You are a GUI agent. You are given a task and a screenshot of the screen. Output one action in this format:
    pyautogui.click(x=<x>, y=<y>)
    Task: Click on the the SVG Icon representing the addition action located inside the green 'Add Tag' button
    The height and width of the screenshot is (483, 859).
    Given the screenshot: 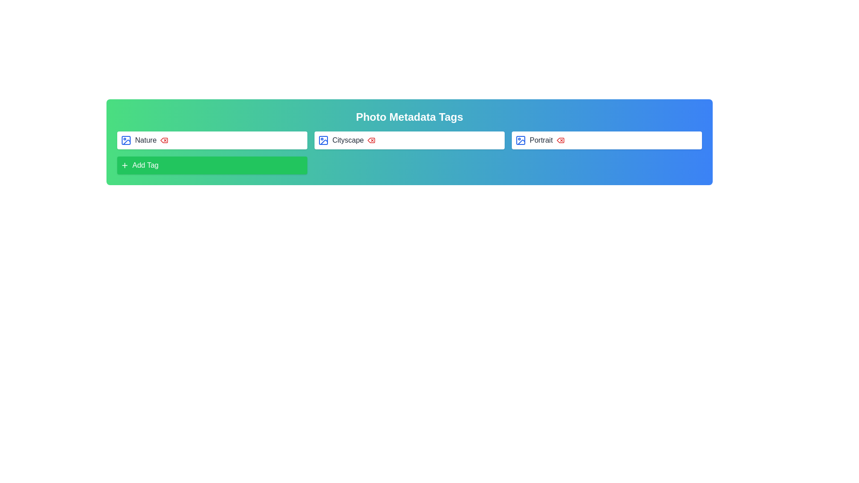 What is the action you would take?
    pyautogui.click(x=124, y=165)
    